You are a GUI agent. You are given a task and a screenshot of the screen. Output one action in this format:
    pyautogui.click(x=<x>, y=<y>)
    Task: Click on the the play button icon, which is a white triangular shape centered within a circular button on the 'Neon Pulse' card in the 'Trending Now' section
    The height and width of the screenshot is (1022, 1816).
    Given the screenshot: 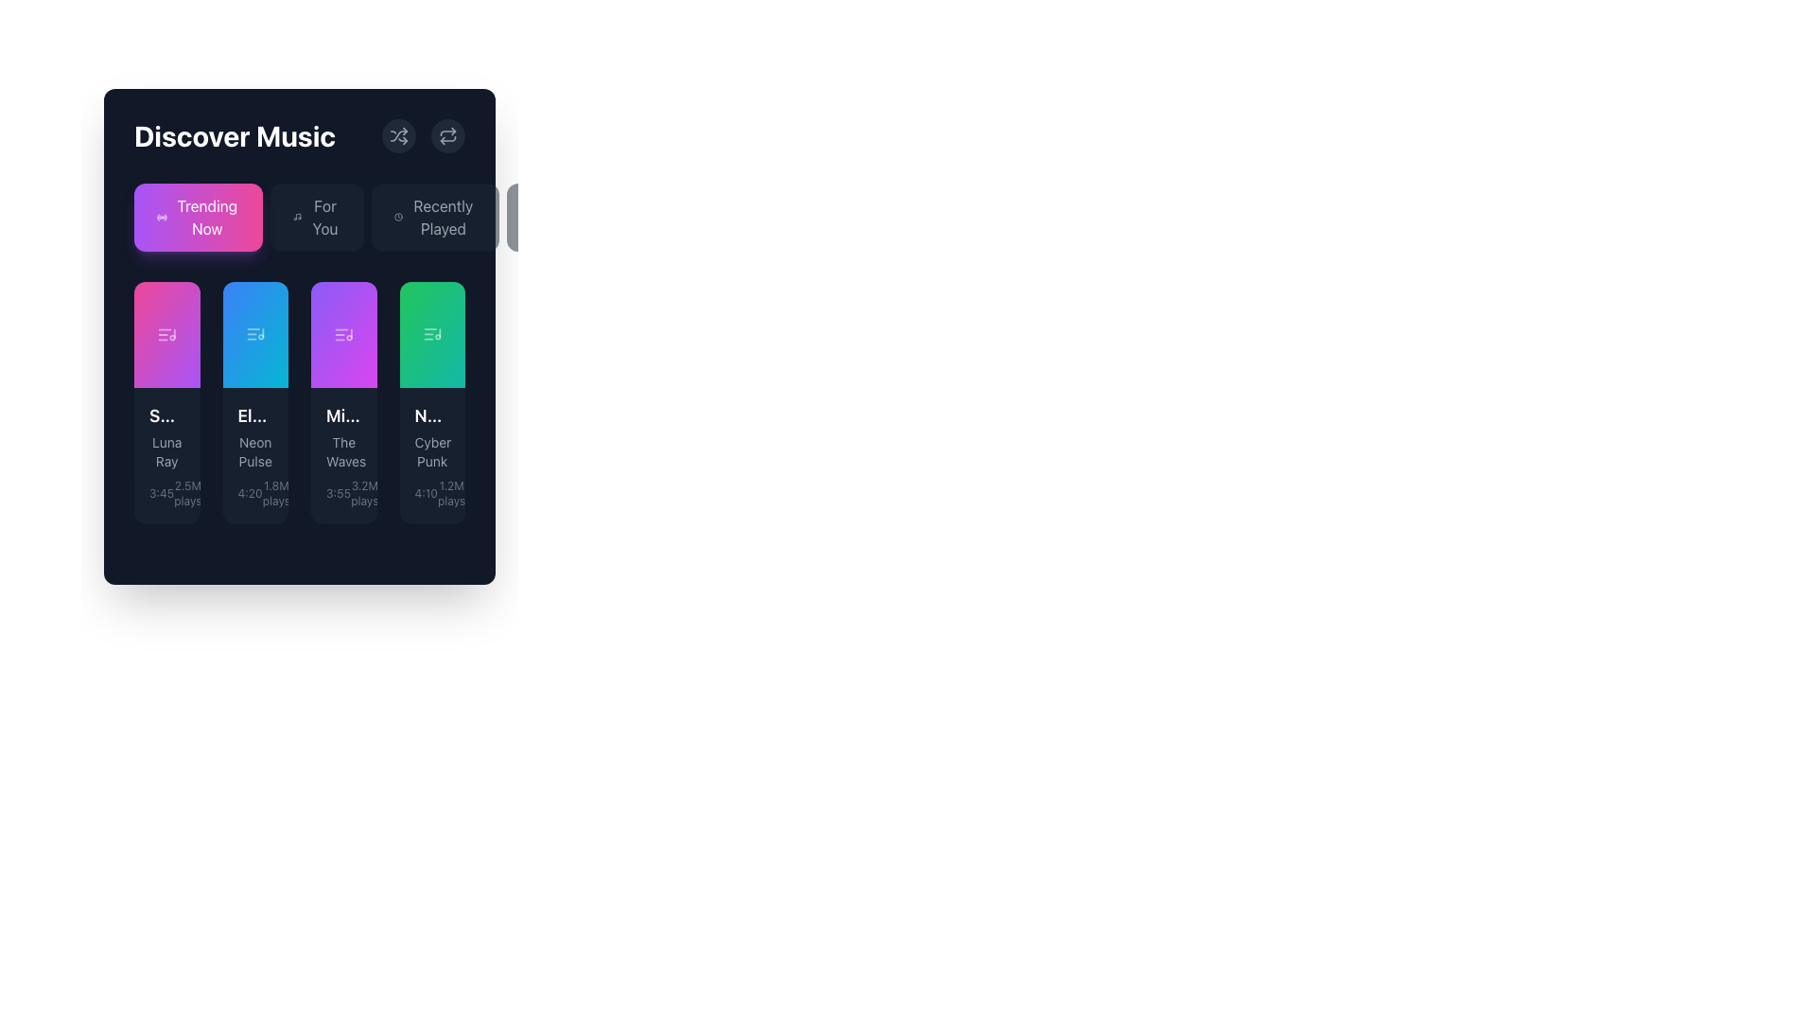 What is the action you would take?
    pyautogui.click(x=254, y=334)
    